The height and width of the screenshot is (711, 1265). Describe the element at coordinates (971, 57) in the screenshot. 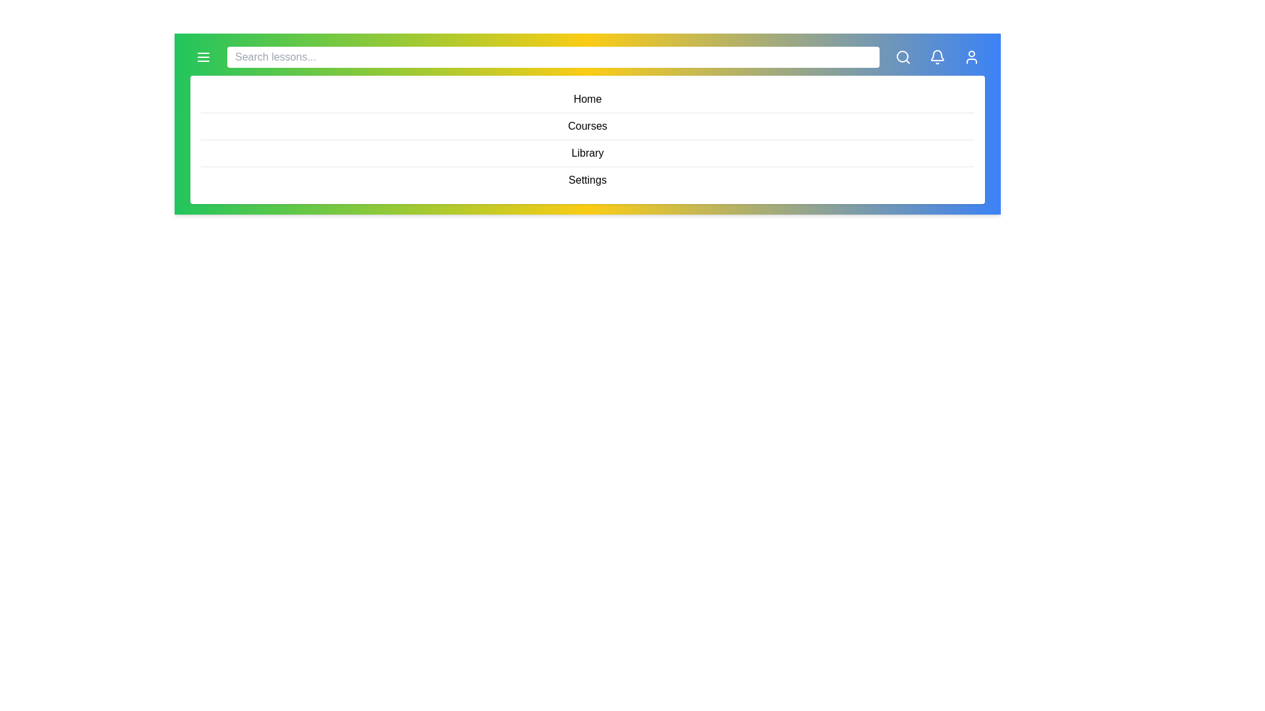

I see `the 'User Profile' icon to access user settings` at that location.